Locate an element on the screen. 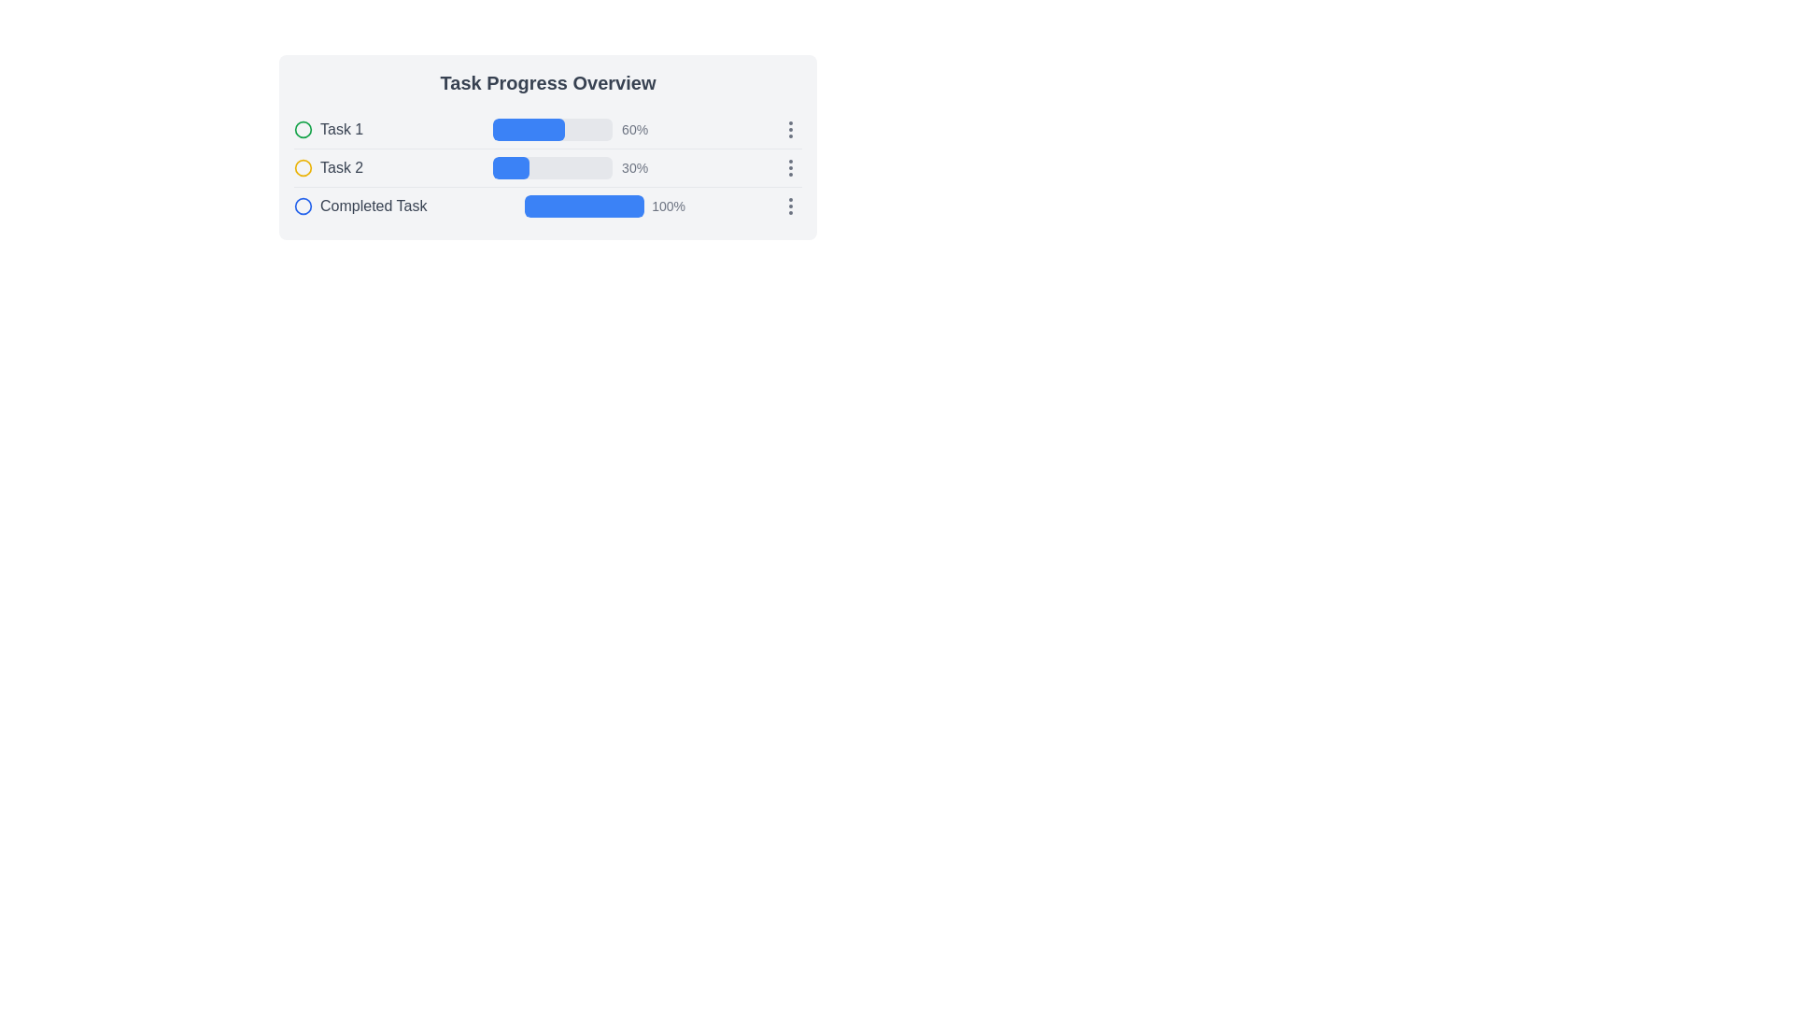 This screenshot has height=1009, width=1793. the status text label indicating a completed task in the 'Task Progress Overview' section is located at coordinates (374, 206).